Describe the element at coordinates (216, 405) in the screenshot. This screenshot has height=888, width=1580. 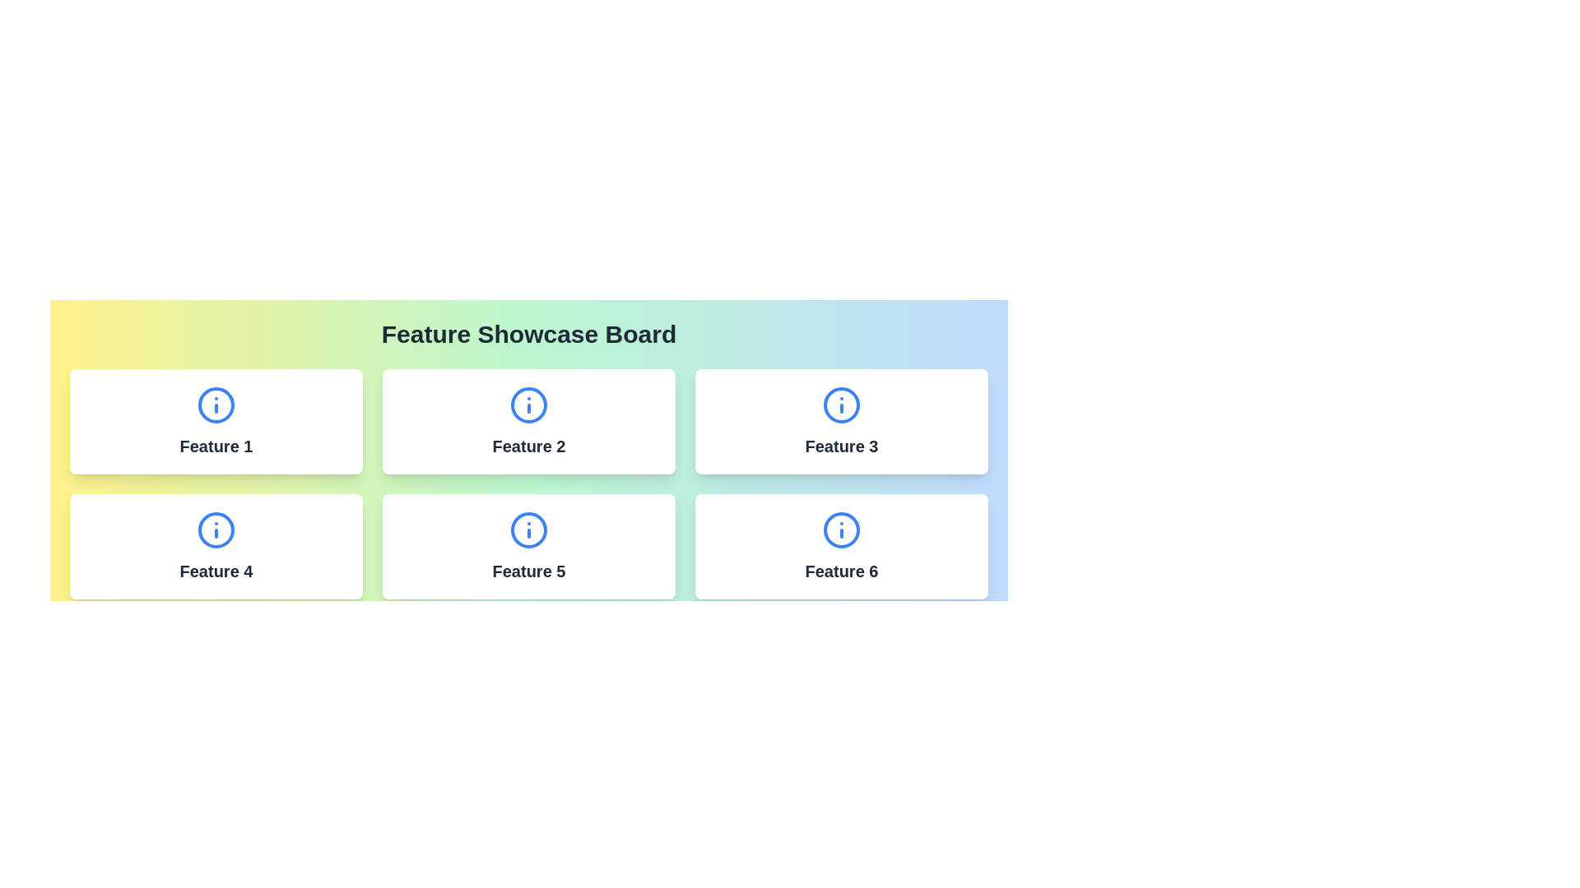
I see `the outer circle of the 'Feature 1' icon, which is represented by an elliptical SVG shape located in the top-left icon of a 2x3 grid` at that location.